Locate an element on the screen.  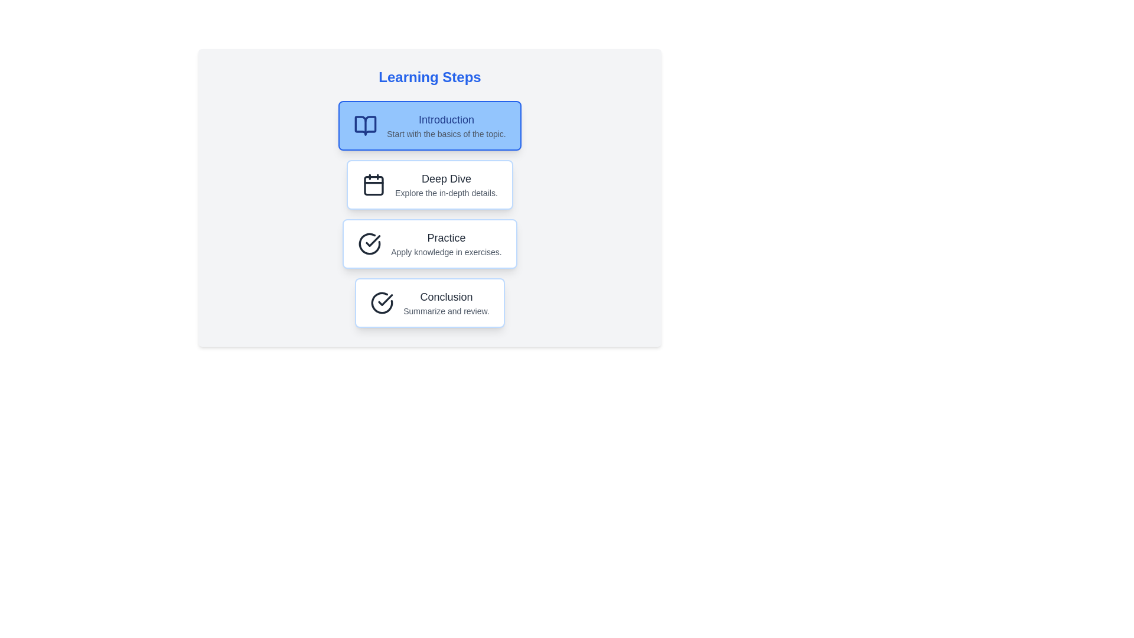
the second step in the 'Learning Steps' section, which serves as a label for exploring details about the topic is located at coordinates (445, 184).